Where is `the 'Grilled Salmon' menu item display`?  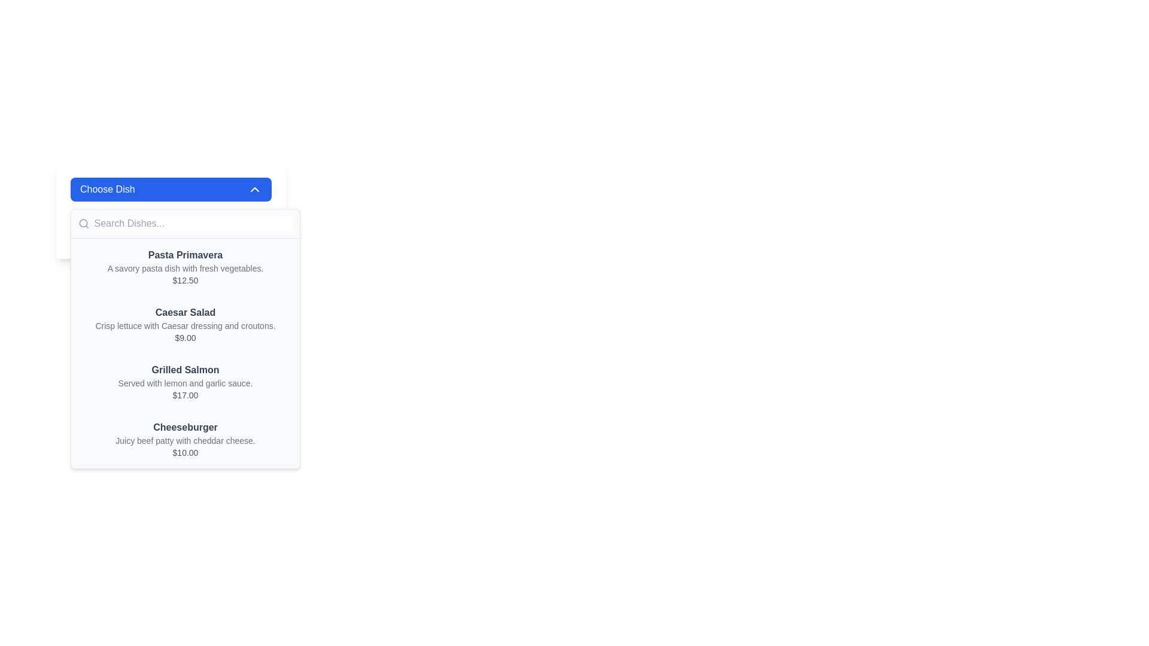
the 'Grilled Salmon' menu item display is located at coordinates (185, 382).